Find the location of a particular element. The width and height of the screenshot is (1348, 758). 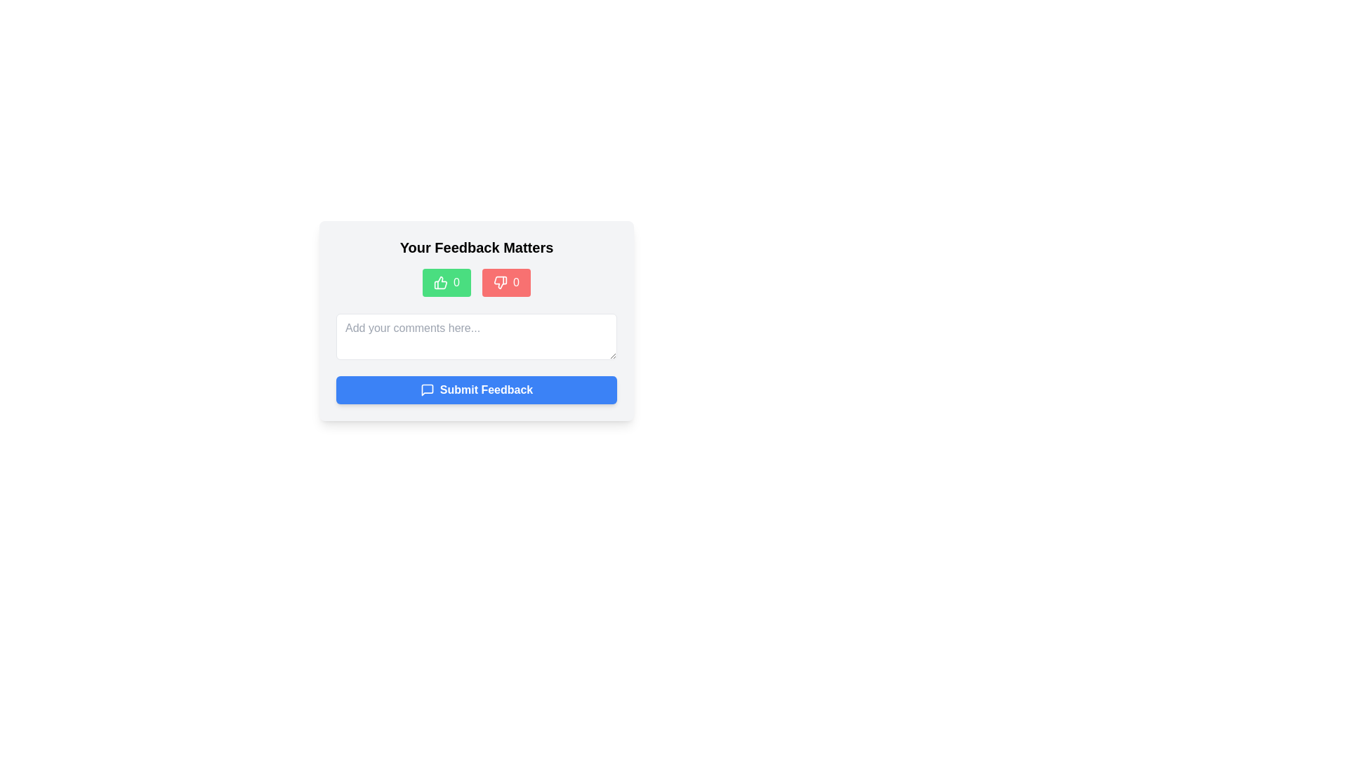

the second button under the title 'Your Feedback Matters' is located at coordinates (505, 282).